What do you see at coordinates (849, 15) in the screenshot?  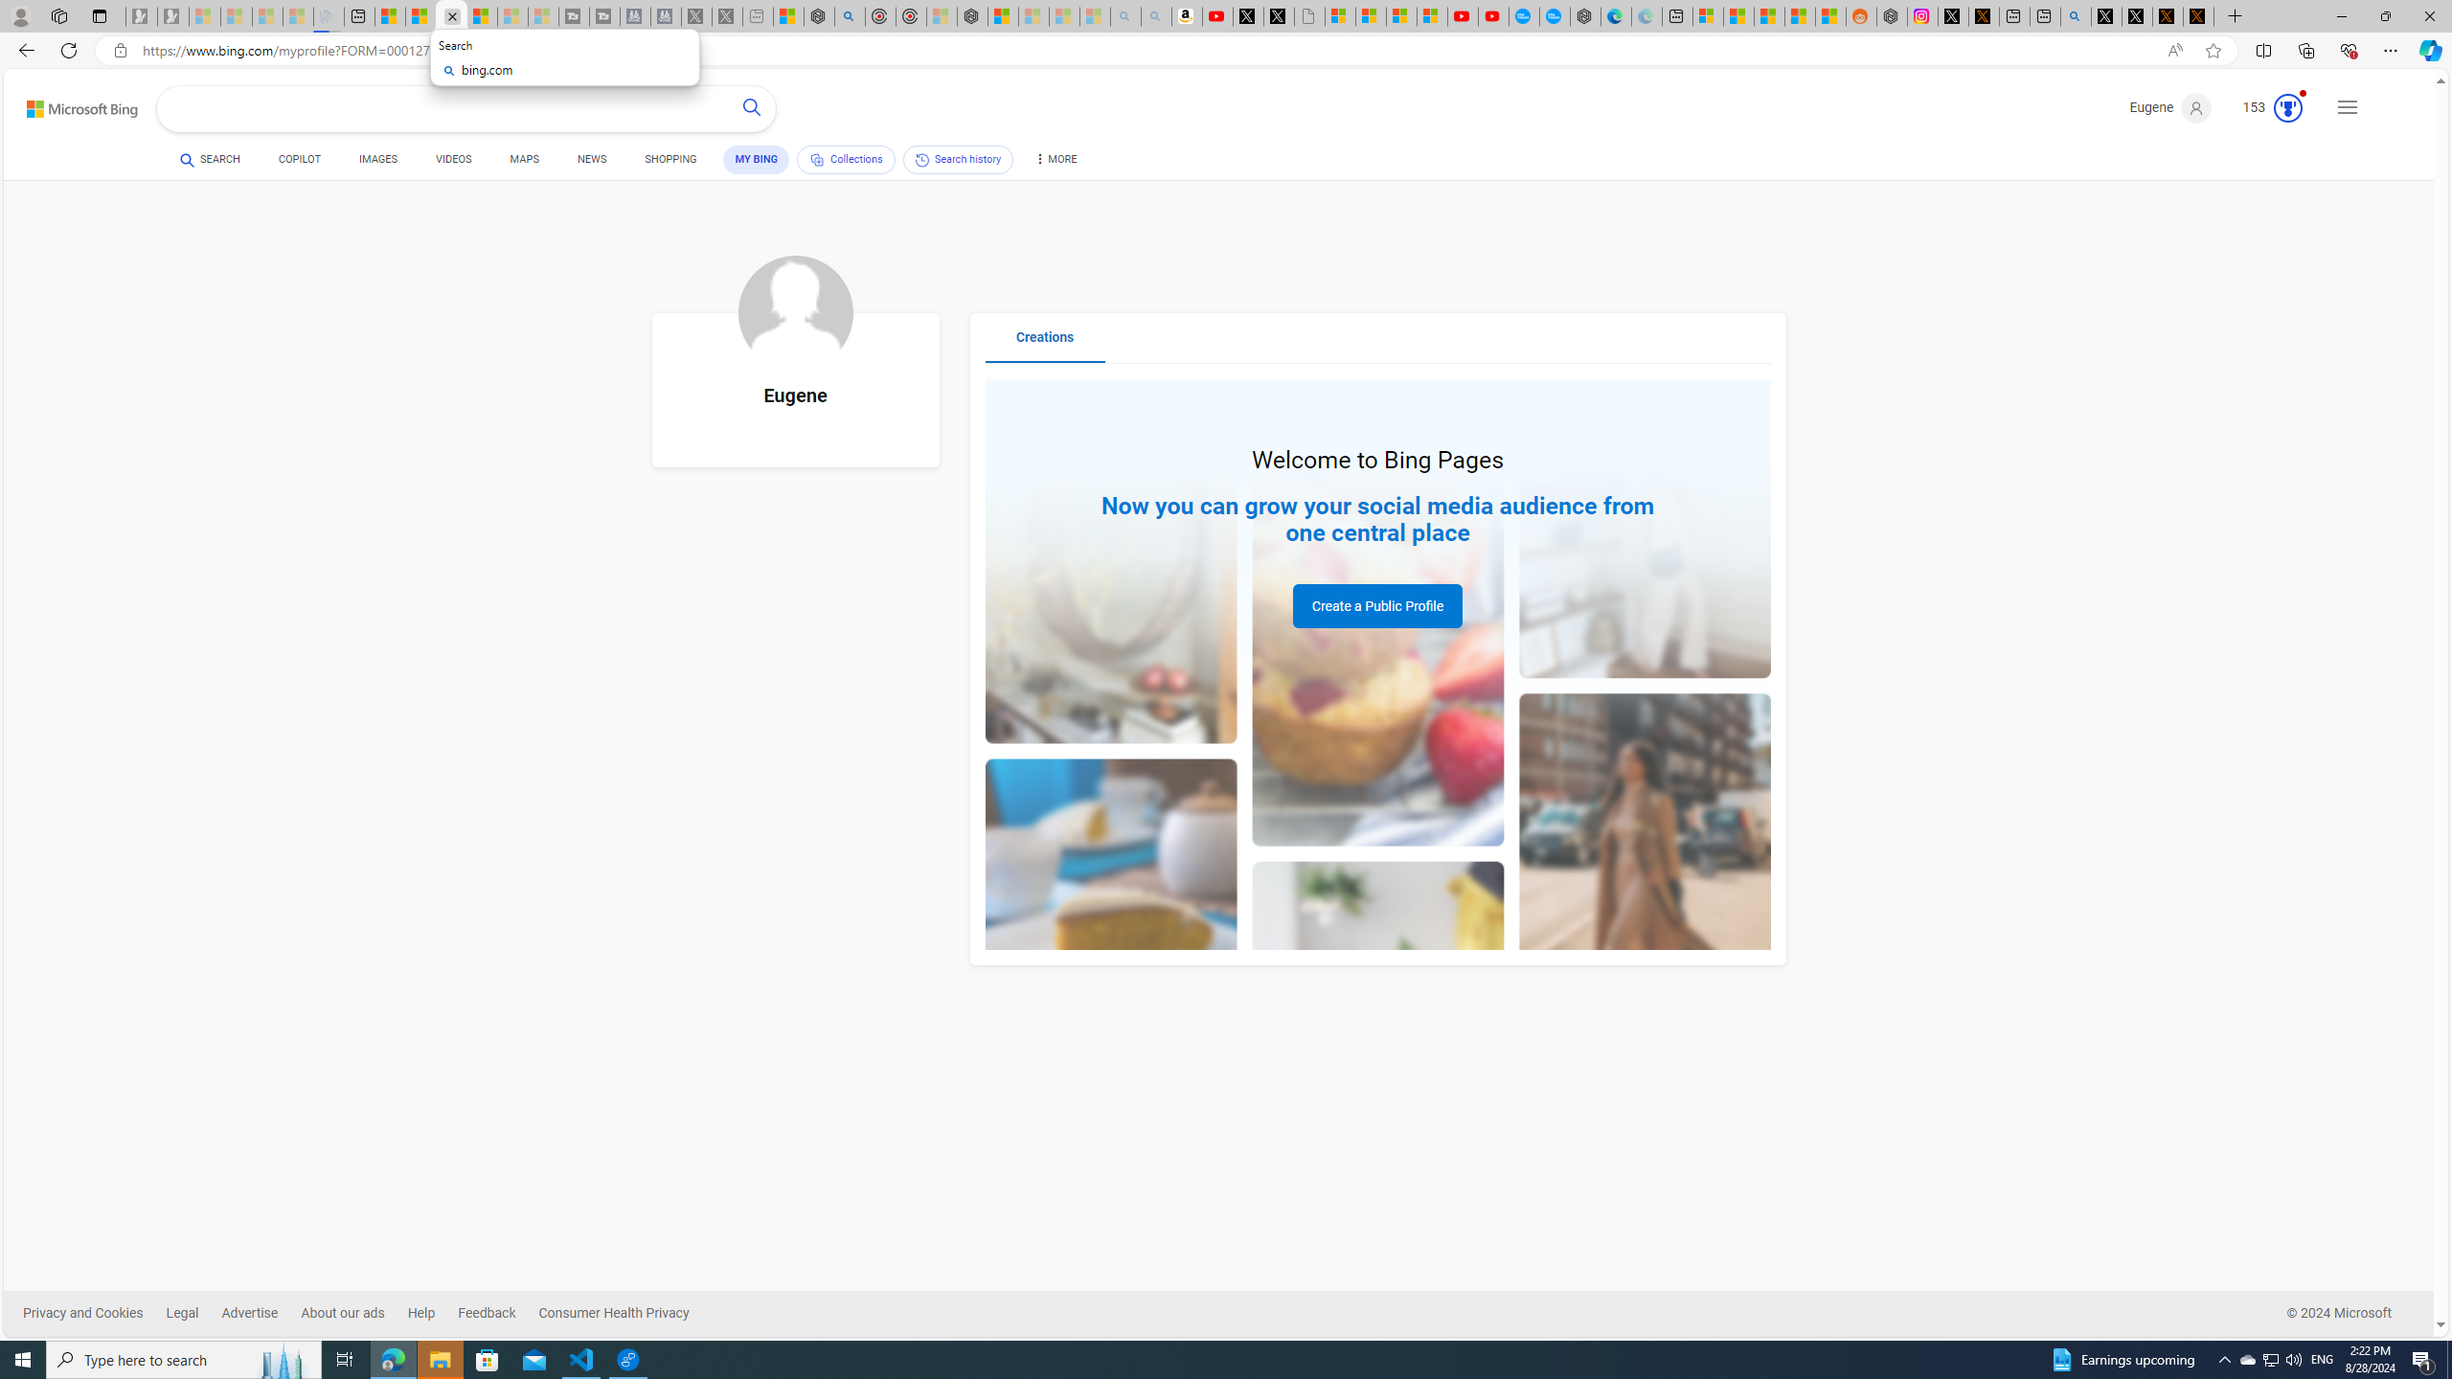 I see `'poe - Search'` at bounding box center [849, 15].